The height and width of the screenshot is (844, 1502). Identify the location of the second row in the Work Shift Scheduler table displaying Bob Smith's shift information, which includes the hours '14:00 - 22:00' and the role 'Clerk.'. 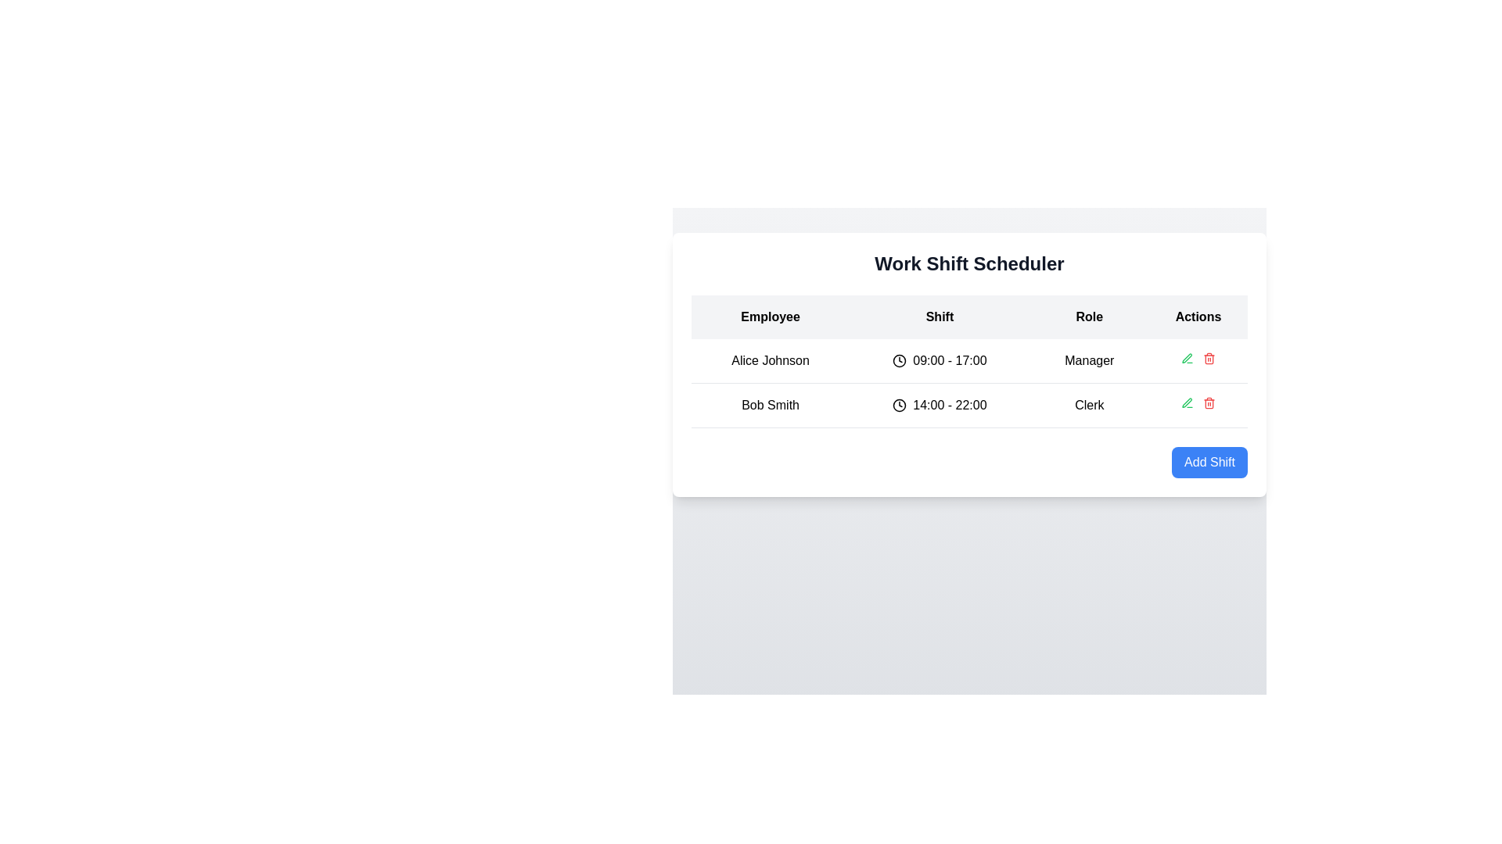
(968, 405).